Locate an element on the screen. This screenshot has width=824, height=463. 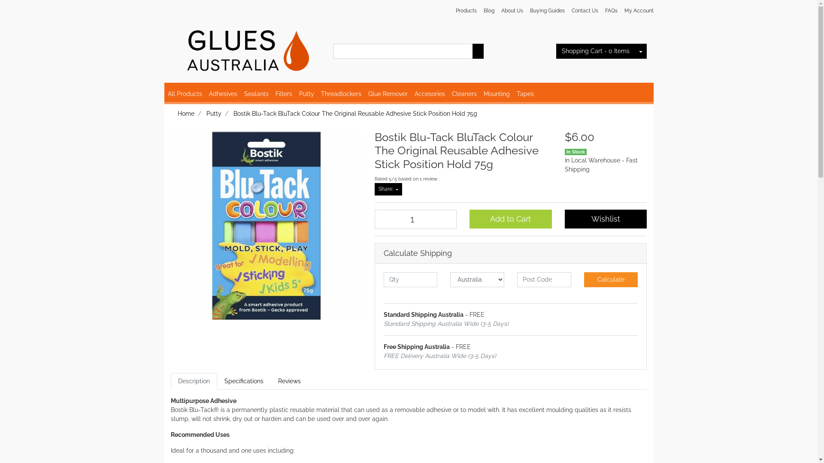
'About Us' is located at coordinates (512, 10).